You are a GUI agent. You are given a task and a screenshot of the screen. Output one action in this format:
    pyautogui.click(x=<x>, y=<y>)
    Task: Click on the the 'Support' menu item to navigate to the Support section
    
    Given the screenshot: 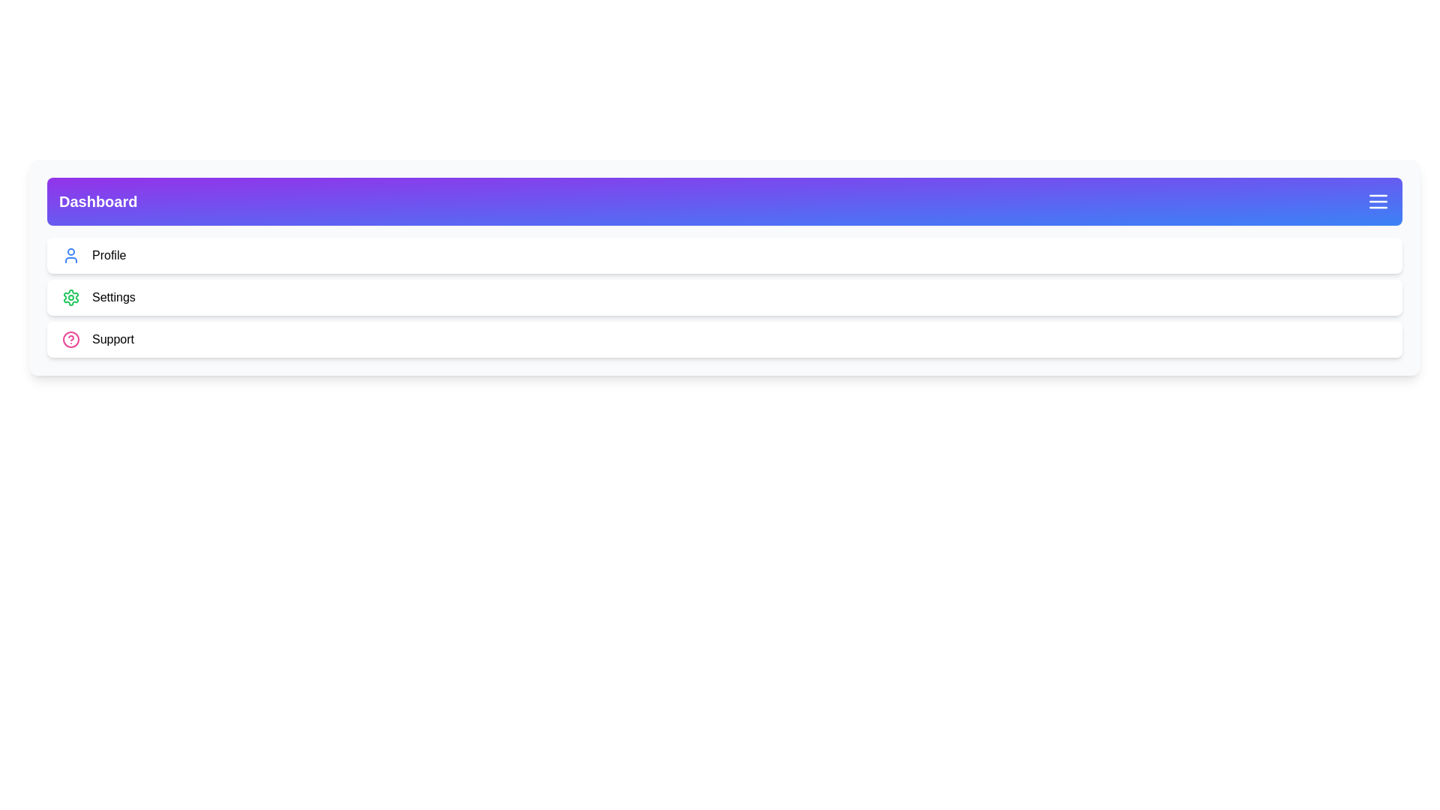 What is the action you would take?
    pyautogui.click(x=112, y=339)
    